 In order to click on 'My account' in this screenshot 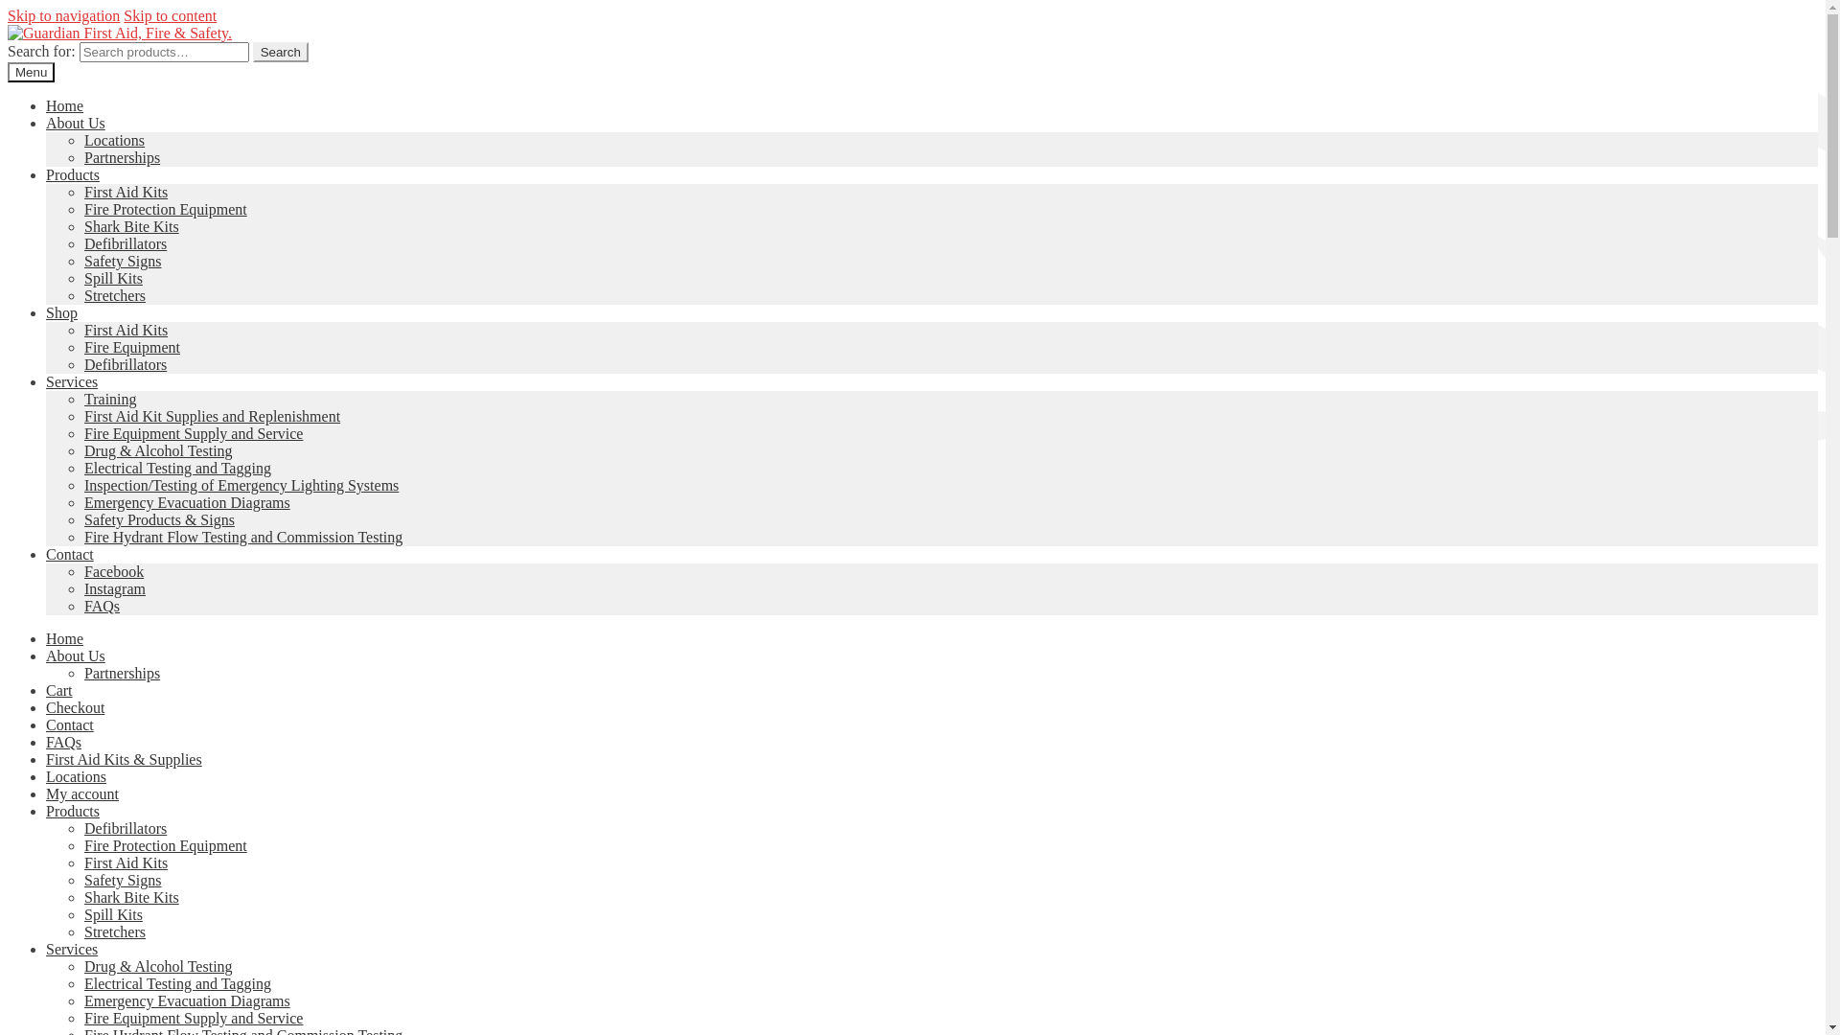, I will do `click(46, 793)`.